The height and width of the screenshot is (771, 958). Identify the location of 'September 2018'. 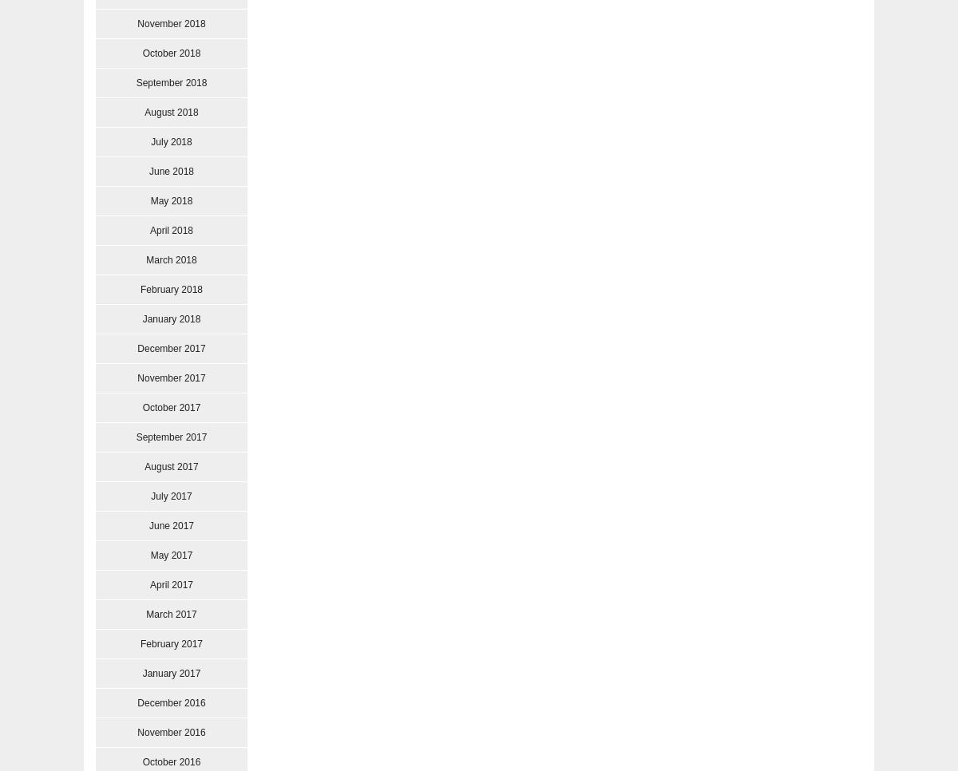
(170, 83).